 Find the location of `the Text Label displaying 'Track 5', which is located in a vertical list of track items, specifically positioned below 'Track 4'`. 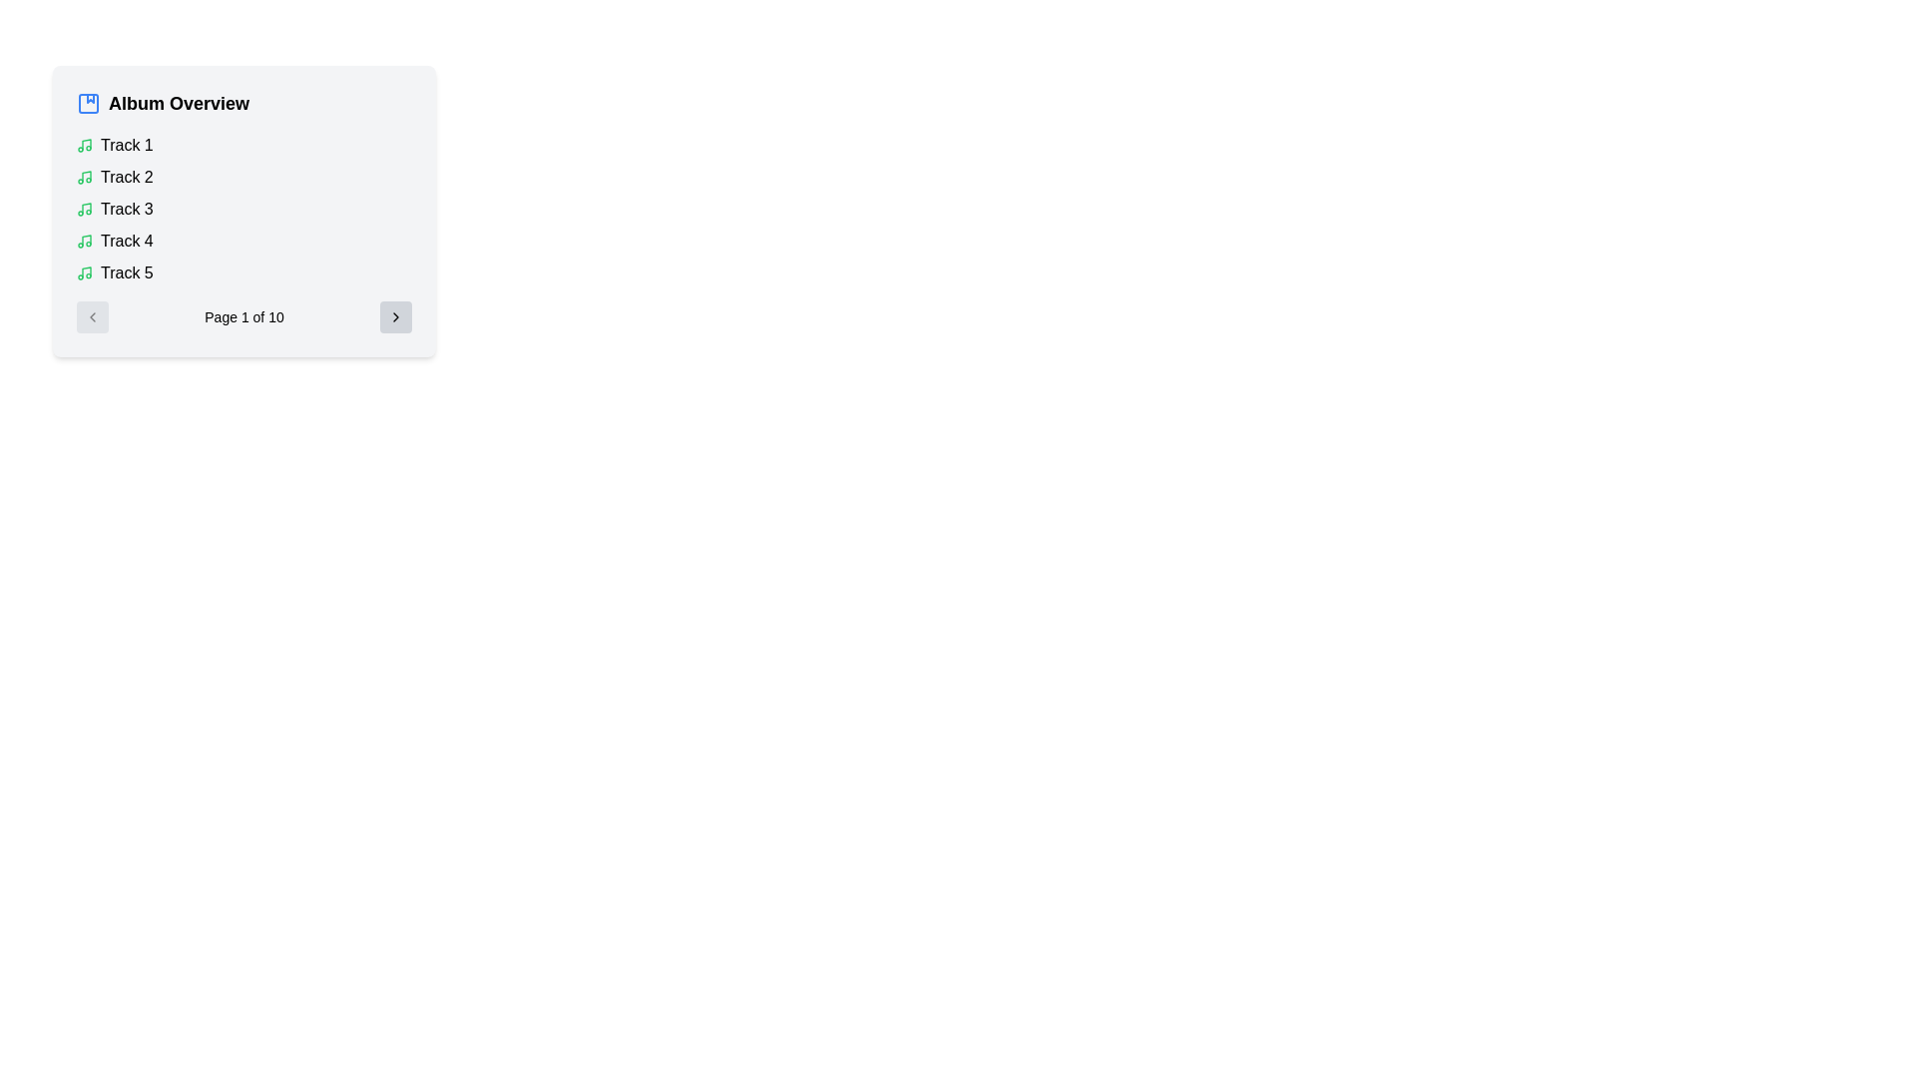

the Text Label displaying 'Track 5', which is located in a vertical list of track items, specifically positioned below 'Track 4' is located at coordinates (126, 272).